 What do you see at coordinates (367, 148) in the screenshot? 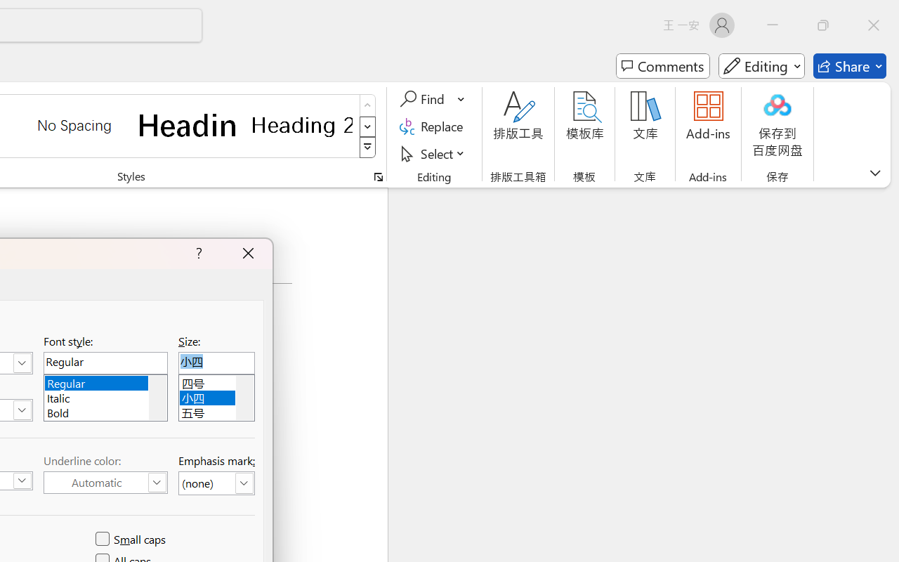
I see `'Styles'` at bounding box center [367, 148].